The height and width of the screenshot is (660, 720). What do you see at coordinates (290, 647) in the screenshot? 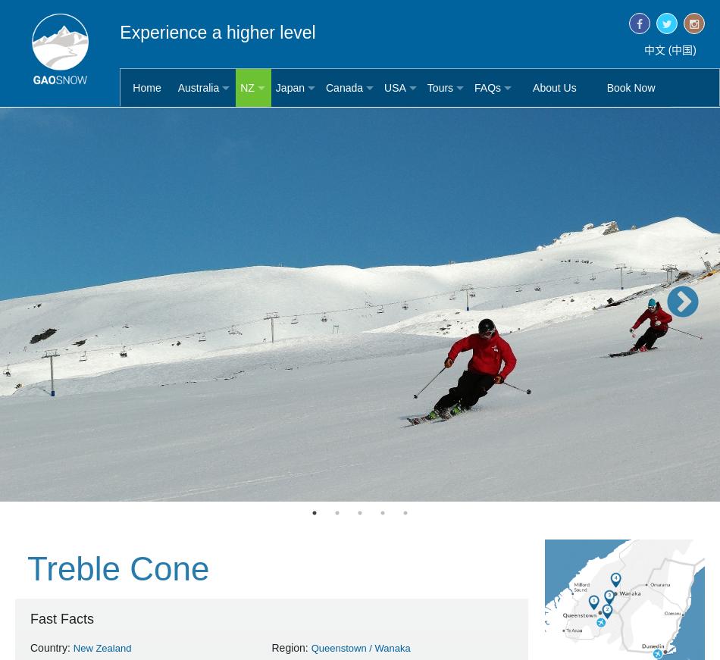
I see `'Region:'` at bounding box center [290, 647].